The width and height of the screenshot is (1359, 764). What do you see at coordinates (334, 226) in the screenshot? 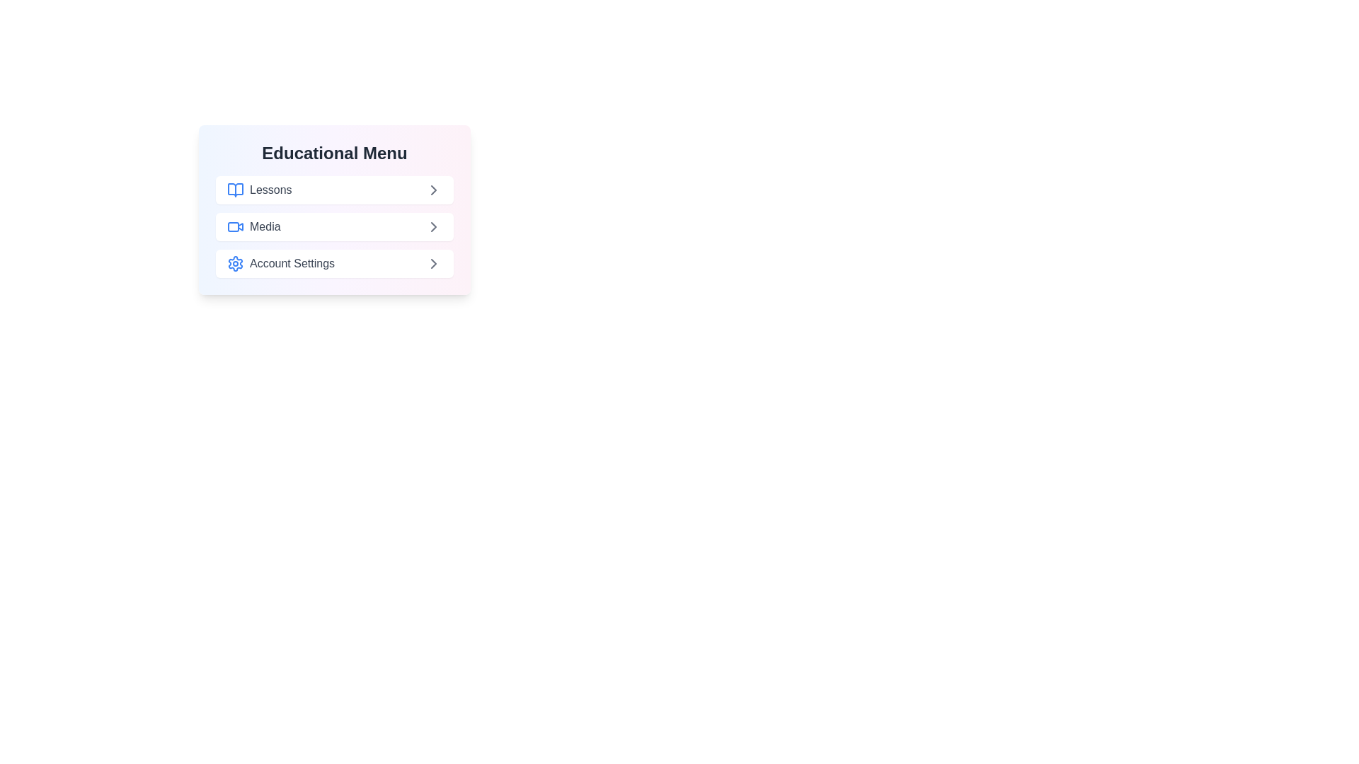
I see `the 'Media' button` at bounding box center [334, 226].